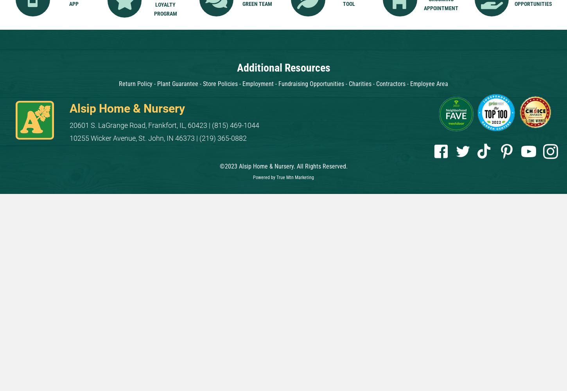 This screenshot has width=567, height=391. I want to click on 'Plant Guarantee', so click(177, 83).